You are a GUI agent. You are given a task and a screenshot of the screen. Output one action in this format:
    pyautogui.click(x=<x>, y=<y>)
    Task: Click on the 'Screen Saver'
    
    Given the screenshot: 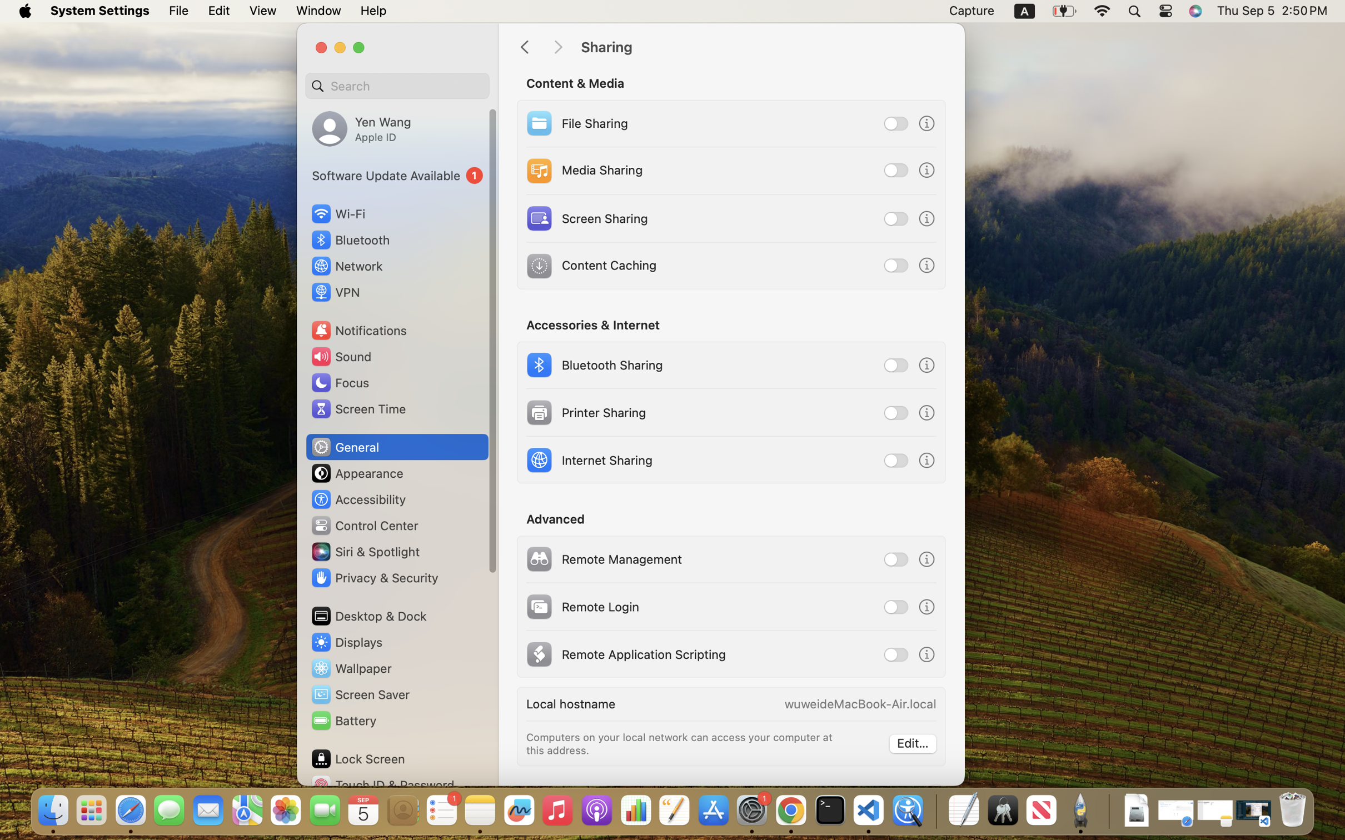 What is the action you would take?
    pyautogui.click(x=359, y=694)
    